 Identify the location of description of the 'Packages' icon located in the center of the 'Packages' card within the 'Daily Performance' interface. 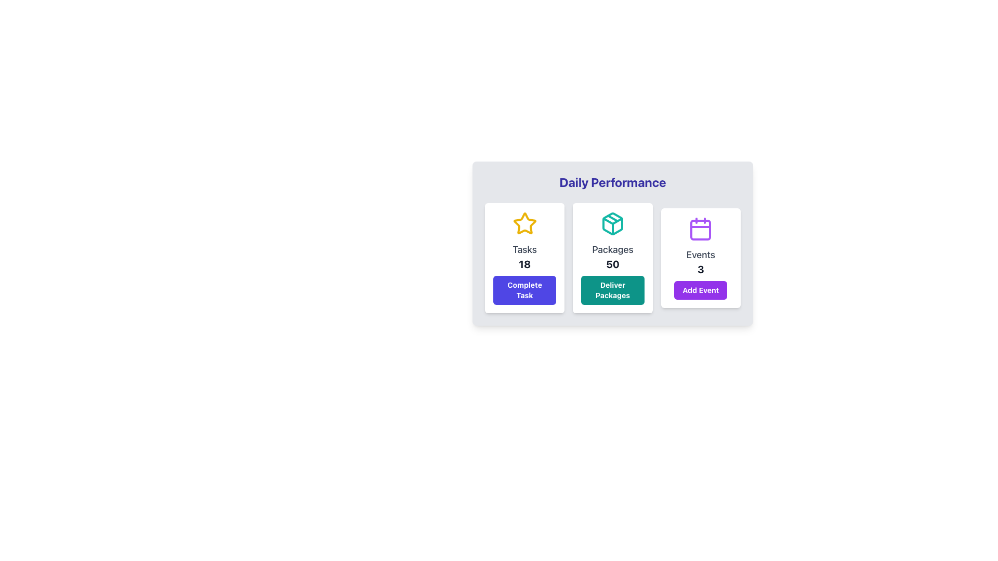
(613, 223).